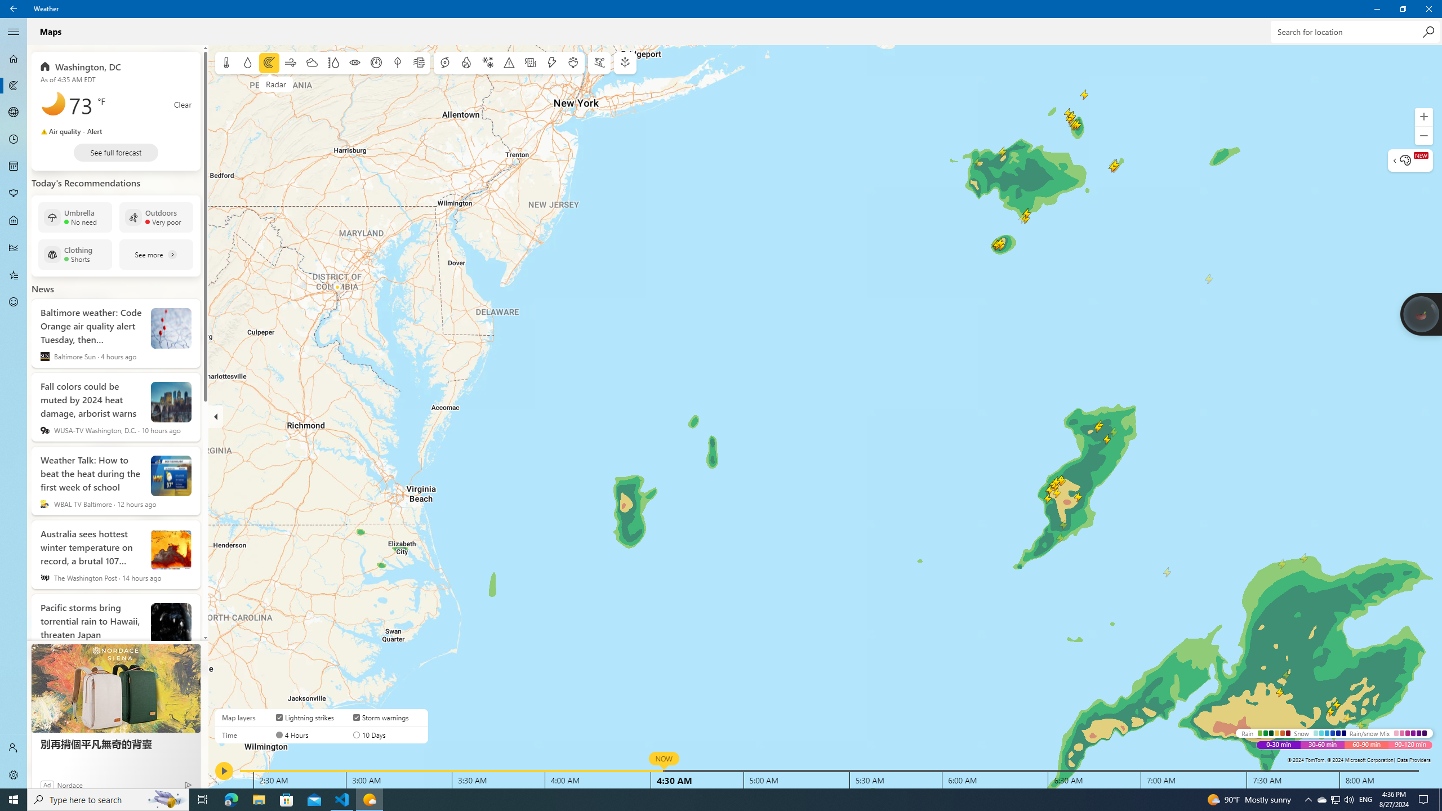 The image size is (1442, 811). What do you see at coordinates (14, 8) in the screenshot?
I see `'Back'` at bounding box center [14, 8].